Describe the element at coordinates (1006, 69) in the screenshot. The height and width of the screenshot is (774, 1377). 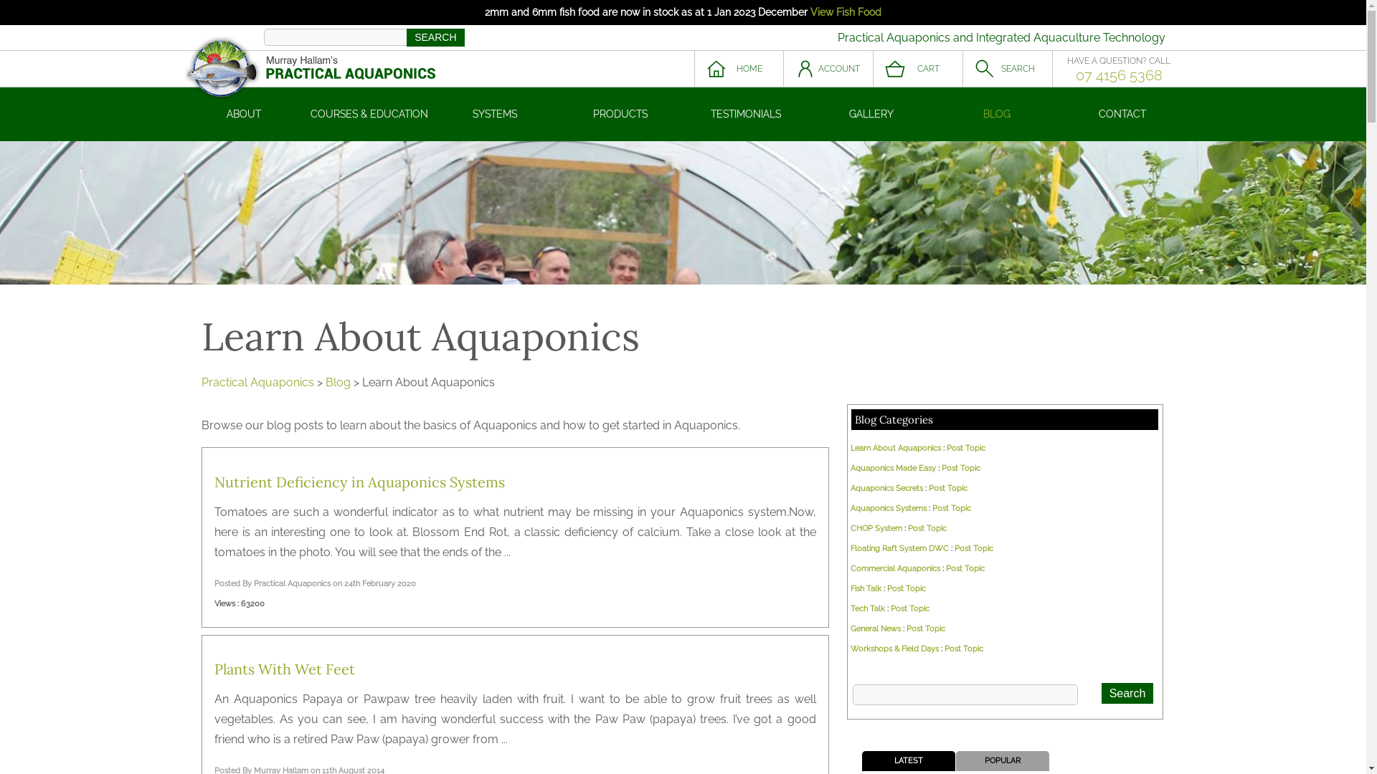
I see `'SEARCH'` at that location.